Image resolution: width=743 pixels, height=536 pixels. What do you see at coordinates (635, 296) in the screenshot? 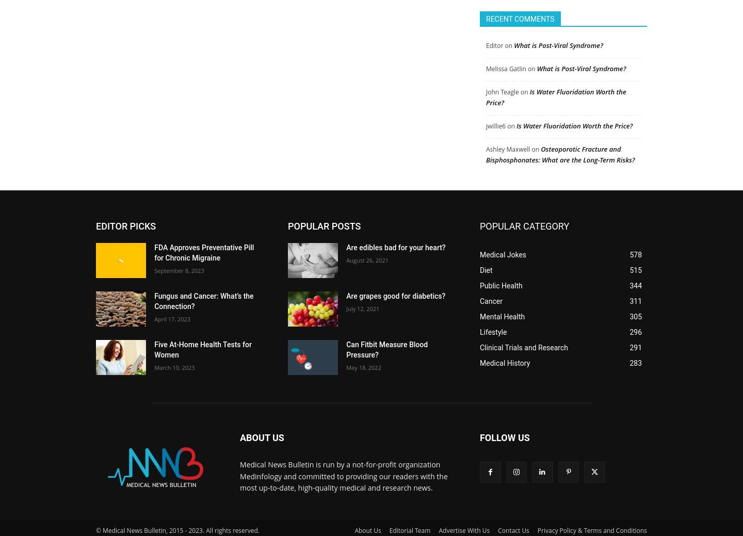
I see `'311'` at bounding box center [635, 296].